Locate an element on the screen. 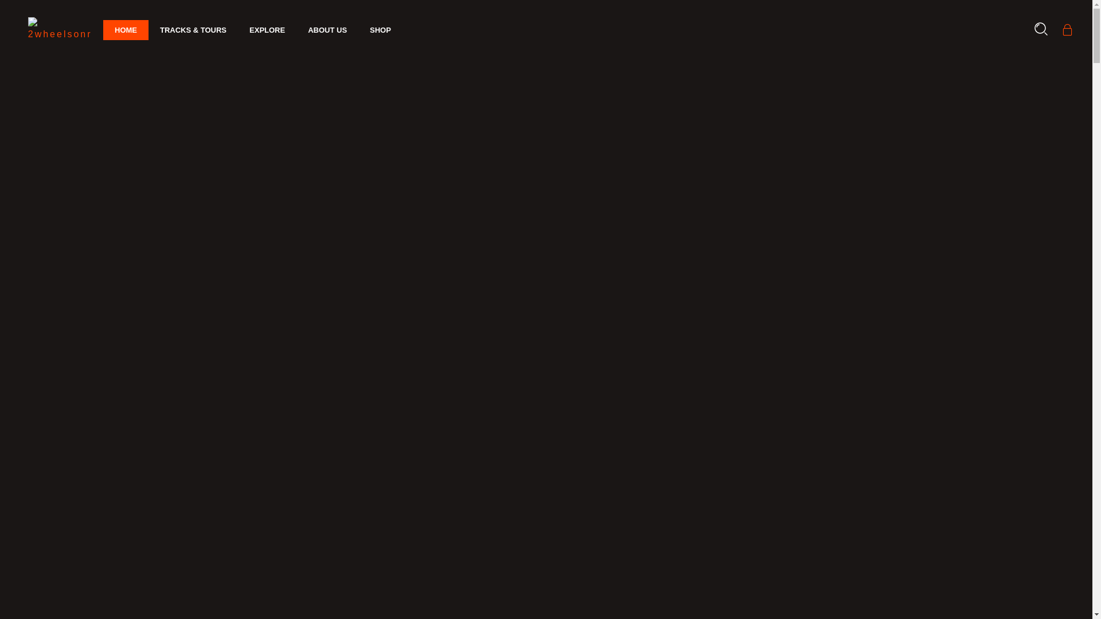 This screenshot has height=619, width=1101. 'SHOP' is located at coordinates (357, 30).